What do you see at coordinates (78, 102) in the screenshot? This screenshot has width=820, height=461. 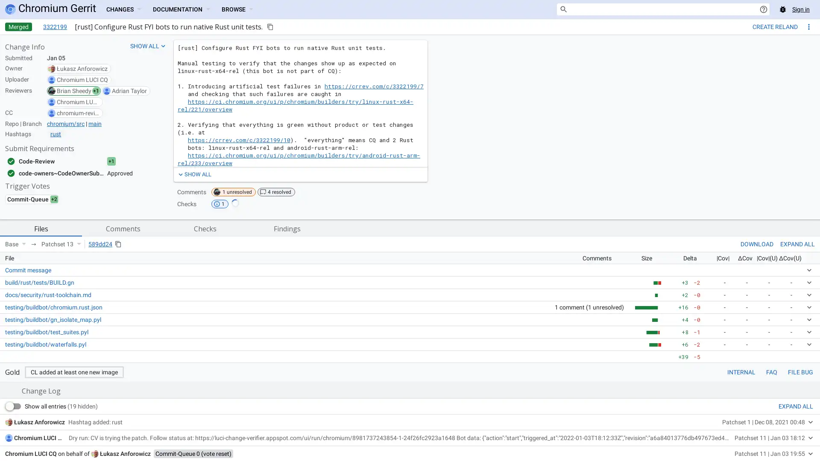 I see `Chromium LUCI CQ` at bounding box center [78, 102].